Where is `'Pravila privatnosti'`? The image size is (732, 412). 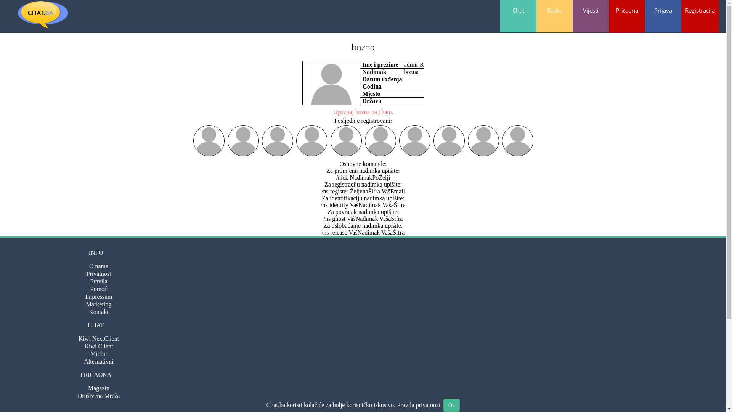 'Pravila privatnosti' is located at coordinates (419, 404).